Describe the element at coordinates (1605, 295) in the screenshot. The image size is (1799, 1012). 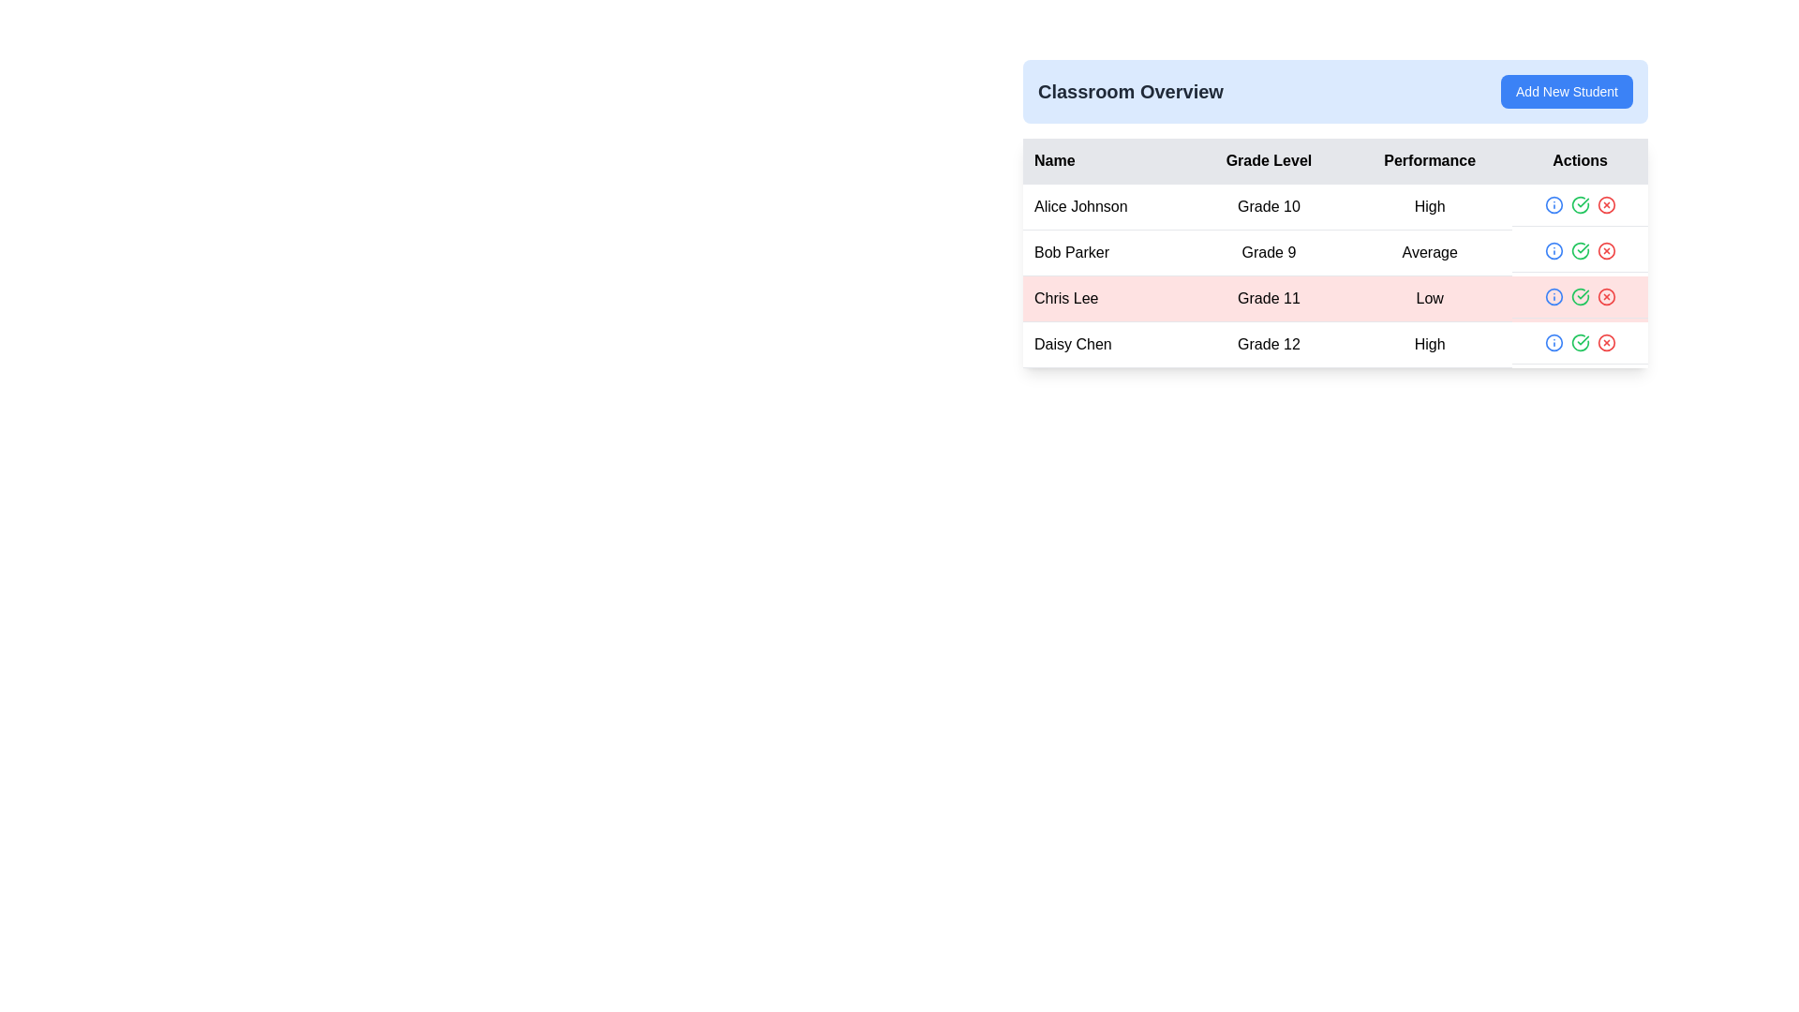
I see `the red circular button with a cross icon inside, which is located in the 'Actions' column of the table row for 'Chris Lee'` at that location.